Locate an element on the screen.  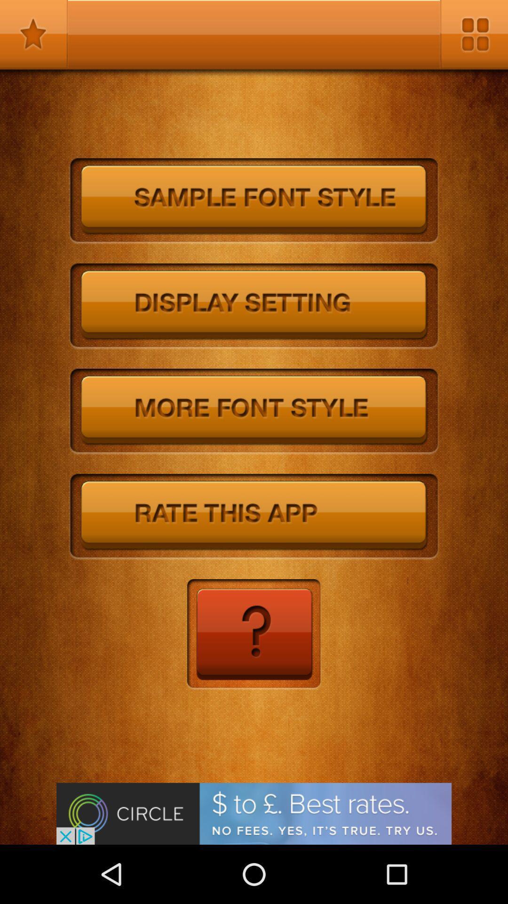
more font style menu is located at coordinates (254, 412).